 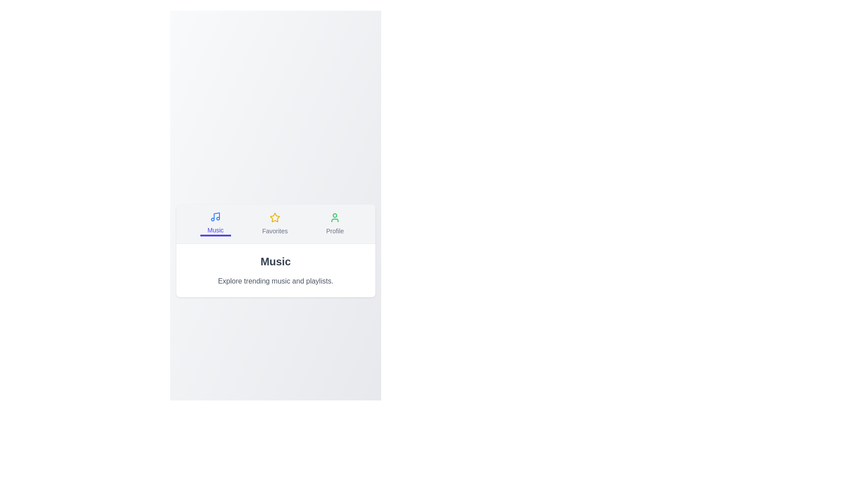 I want to click on the Favorites tab to view its content, so click(x=275, y=223).